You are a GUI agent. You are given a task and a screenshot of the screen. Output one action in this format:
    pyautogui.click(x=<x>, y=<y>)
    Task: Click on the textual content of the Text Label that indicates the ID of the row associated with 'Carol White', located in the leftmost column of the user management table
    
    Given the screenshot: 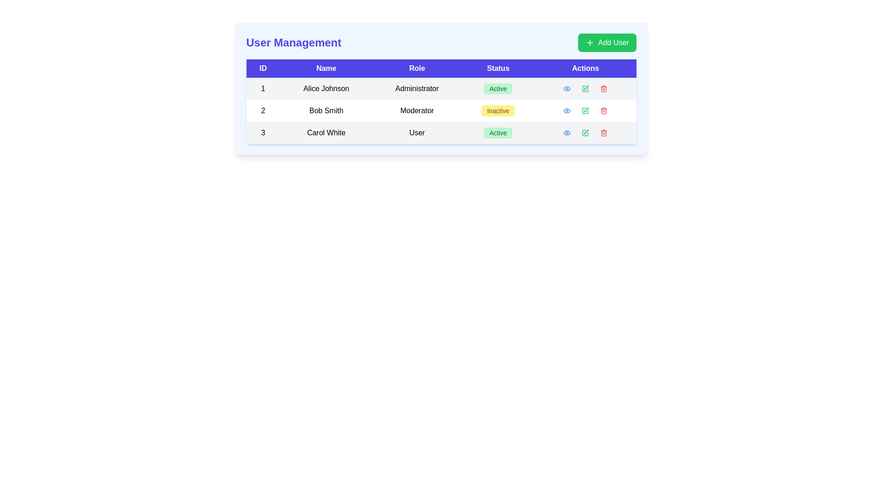 What is the action you would take?
    pyautogui.click(x=263, y=133)
    